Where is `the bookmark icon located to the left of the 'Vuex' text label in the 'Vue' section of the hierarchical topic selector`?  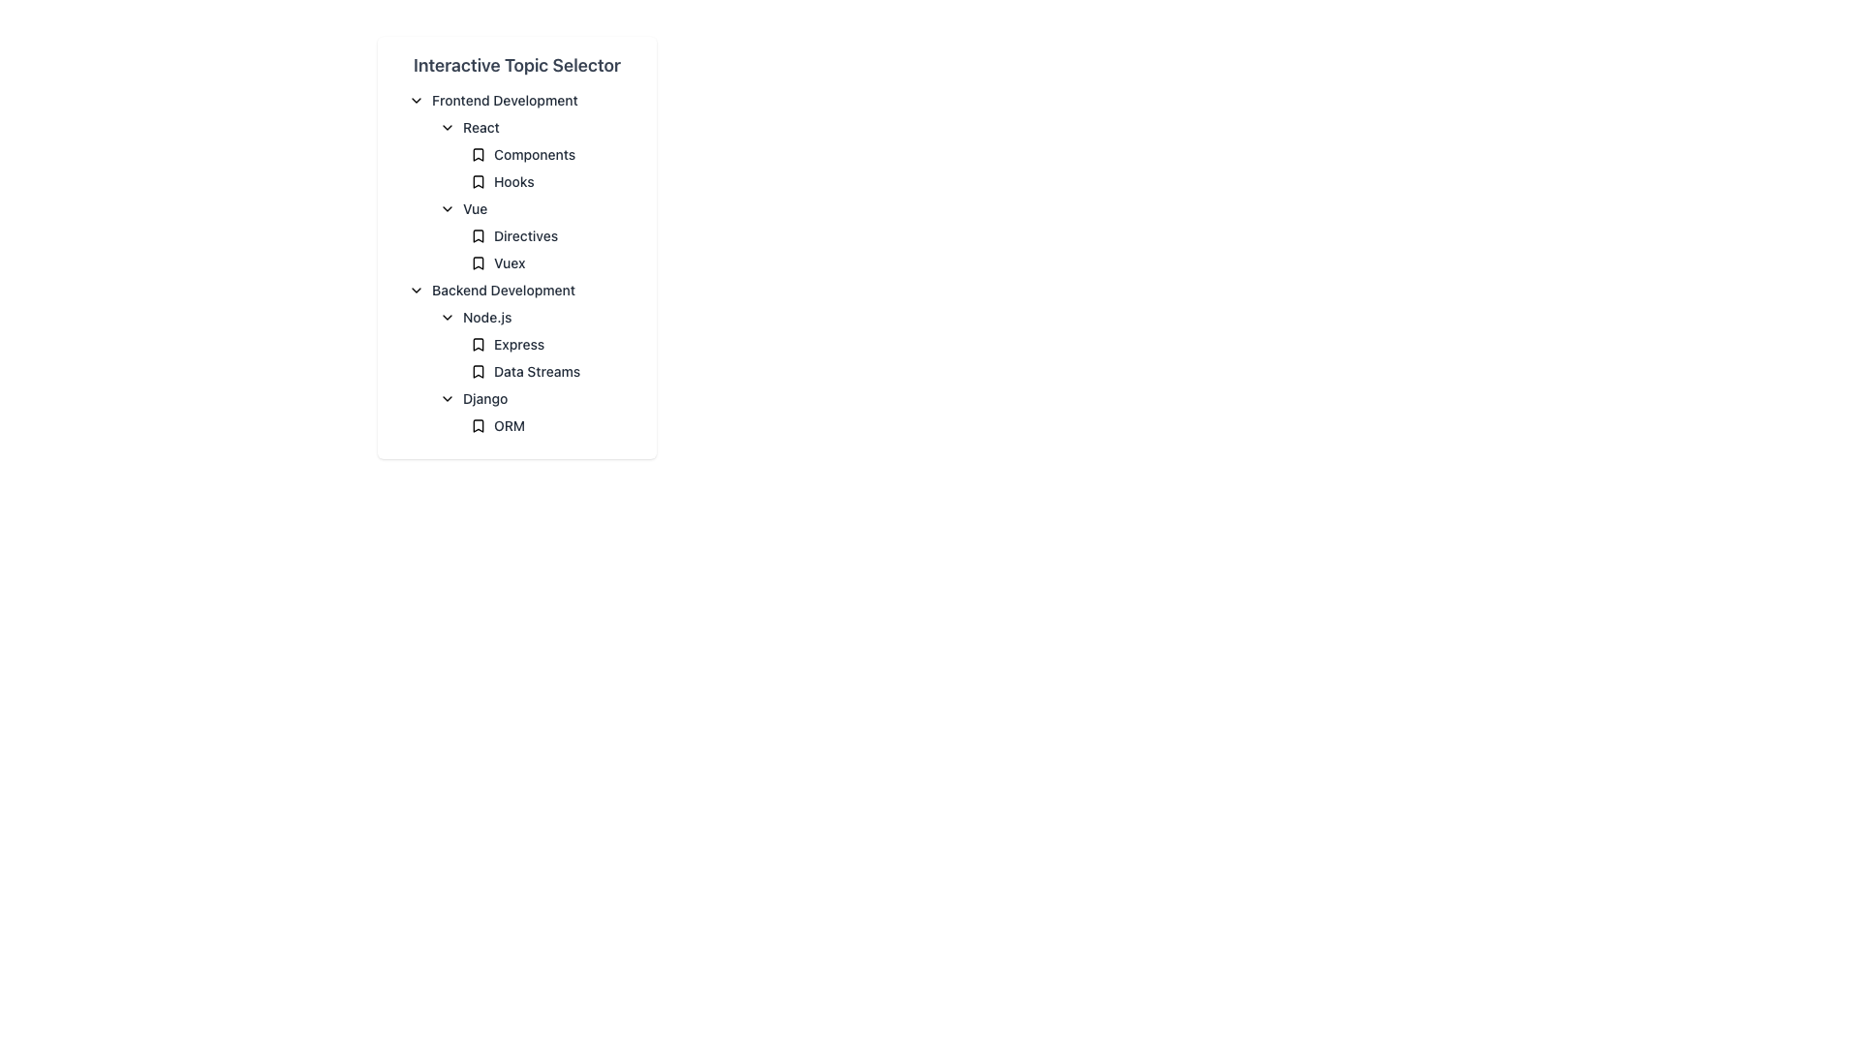 the bookmark icon located to the left of the 'Vuex' text label in the 'Vue' section of the hierarchical topic selector is located at coordinates (479, 263).